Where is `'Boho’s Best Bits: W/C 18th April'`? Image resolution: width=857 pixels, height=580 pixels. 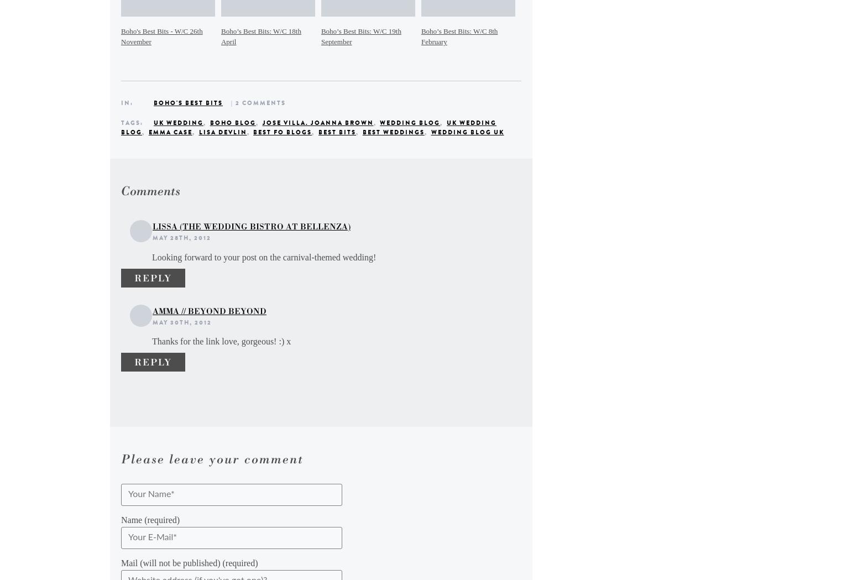
'Boho’s Best Bits: W/C 18th April' is located at coordinates (220, 36).